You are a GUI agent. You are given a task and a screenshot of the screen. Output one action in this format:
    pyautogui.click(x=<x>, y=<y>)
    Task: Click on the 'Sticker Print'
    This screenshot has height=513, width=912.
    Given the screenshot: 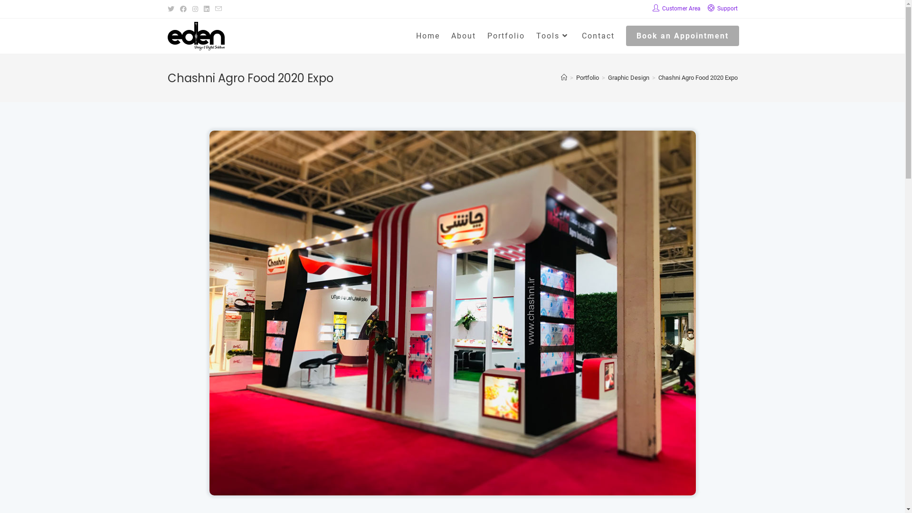 What is the action you would take?
    pyautogui.click(x=665, y=368)
    